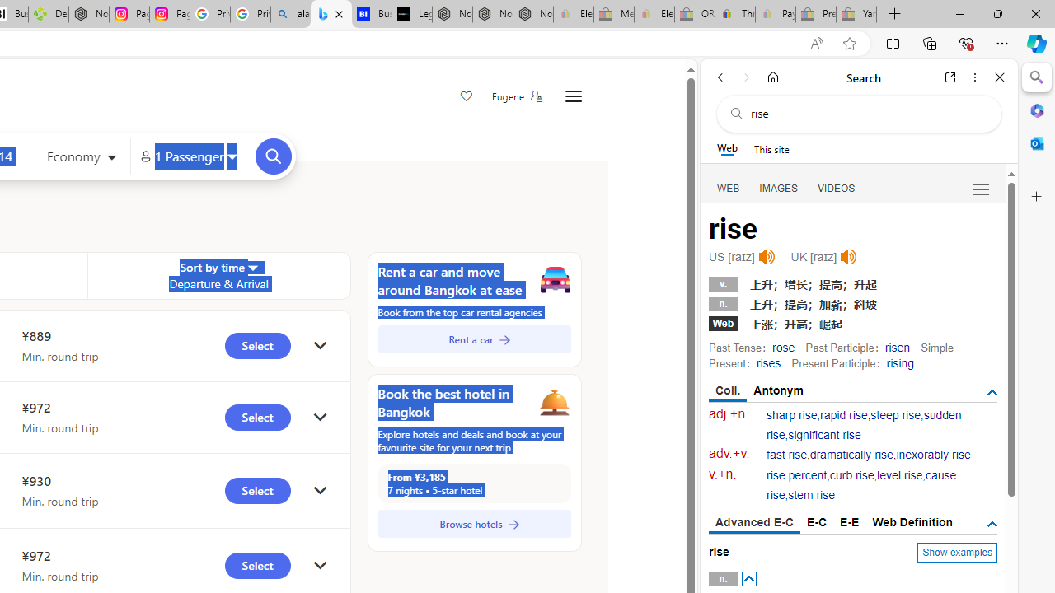  I want to click on 'curb rise', so click(851, 475).